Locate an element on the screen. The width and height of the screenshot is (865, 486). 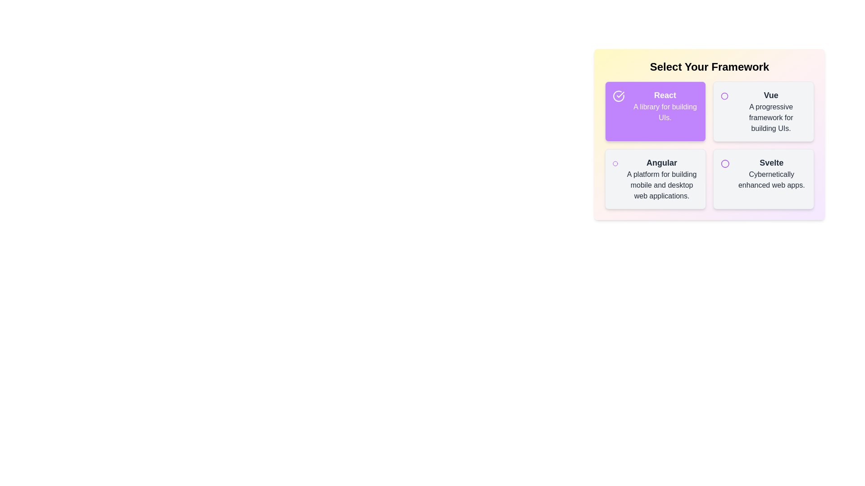
the item labeled React to toggle its selection state is located at coordinates (655, 111).